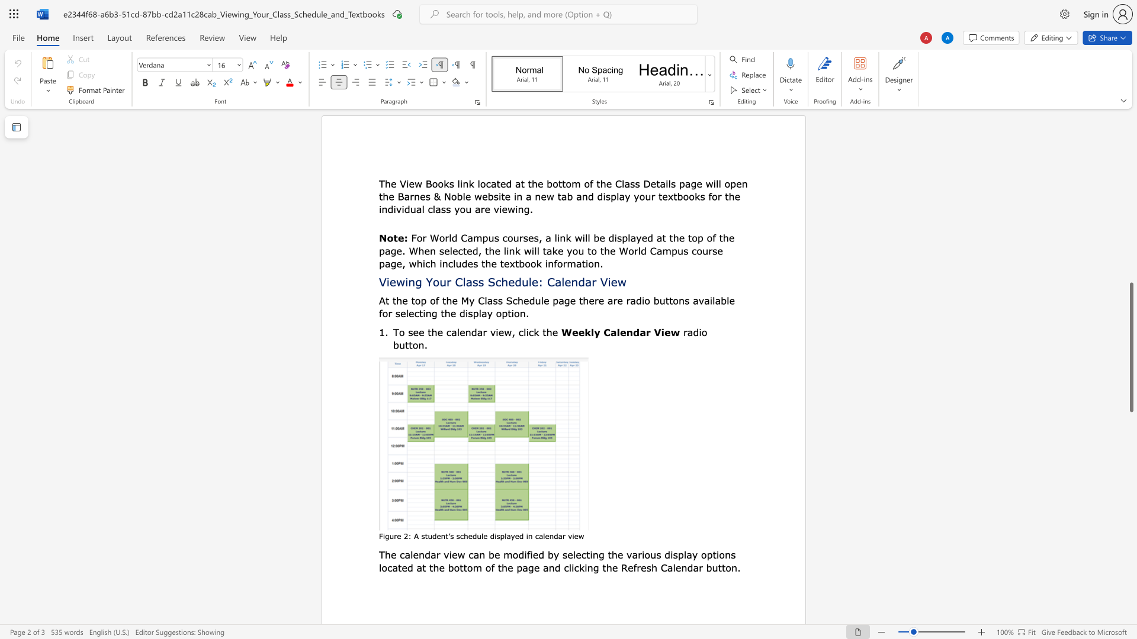  What do you see at coordinates (1130, 248) in the screenshot?
I see `the scrollbar to move the view up` at bounding box center [1130, 248].